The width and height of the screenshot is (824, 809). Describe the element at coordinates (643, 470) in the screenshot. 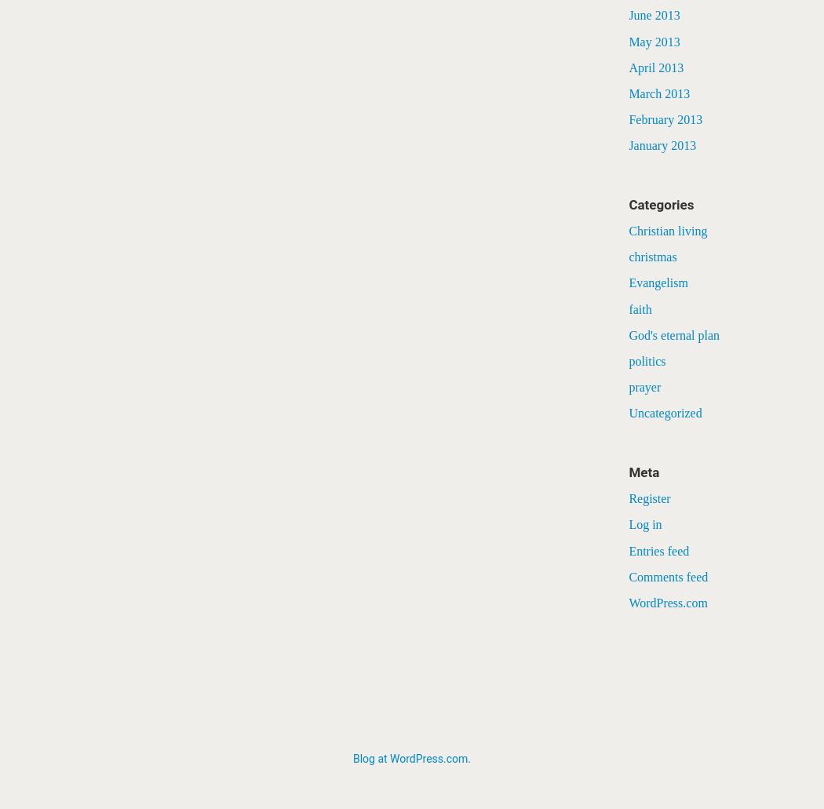

I see `'Meta'` at that location.